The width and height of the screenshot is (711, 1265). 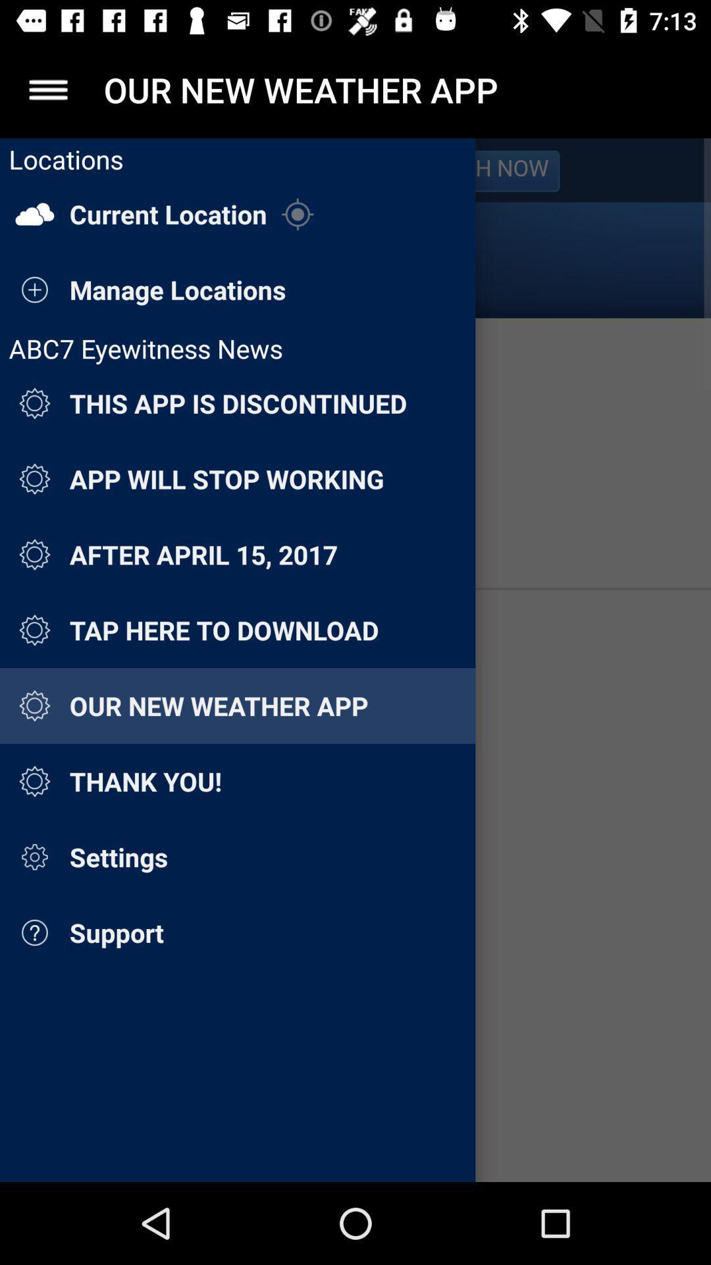 What do you see at coordinates (47, 89) in the screenshot?
I see `sidebar menu` at bounding box center [47, 89].